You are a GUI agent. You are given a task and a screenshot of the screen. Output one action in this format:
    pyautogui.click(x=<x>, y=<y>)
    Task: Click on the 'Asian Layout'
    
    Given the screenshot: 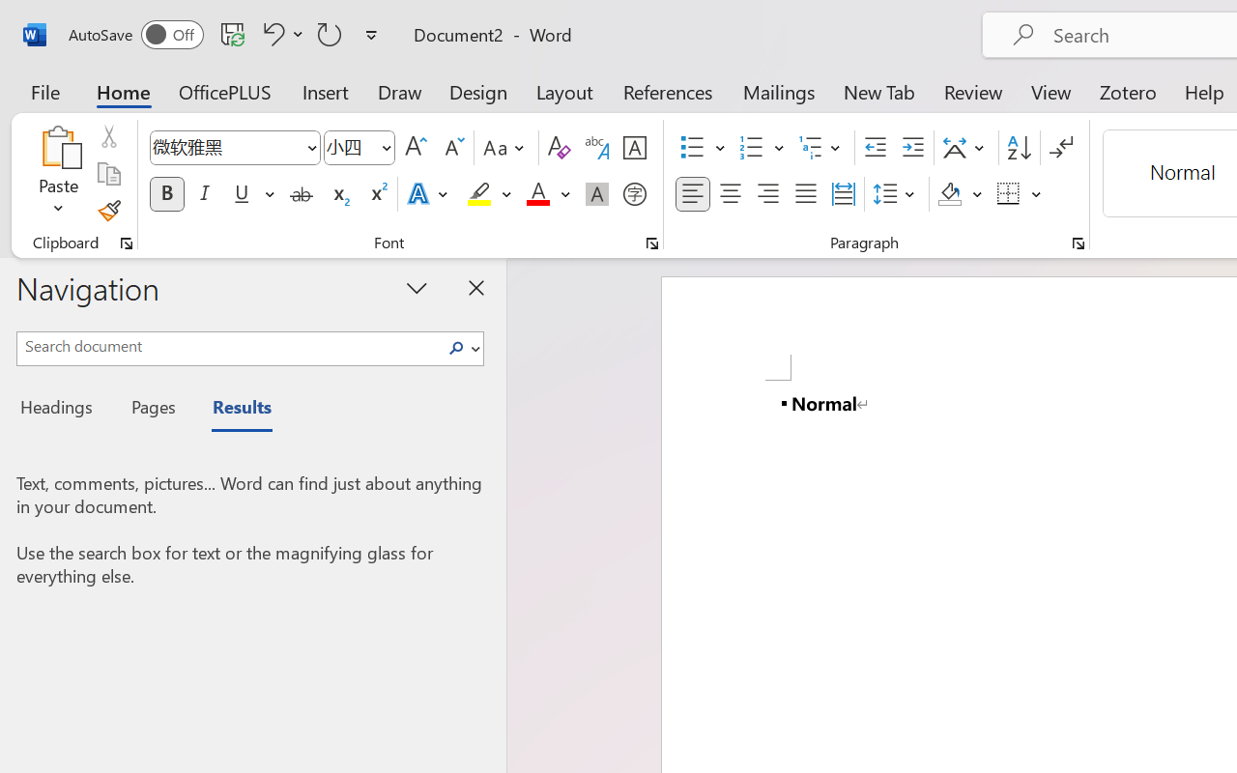 What is the action you would take?
    pyautogui.click(x=966, y=148)
    